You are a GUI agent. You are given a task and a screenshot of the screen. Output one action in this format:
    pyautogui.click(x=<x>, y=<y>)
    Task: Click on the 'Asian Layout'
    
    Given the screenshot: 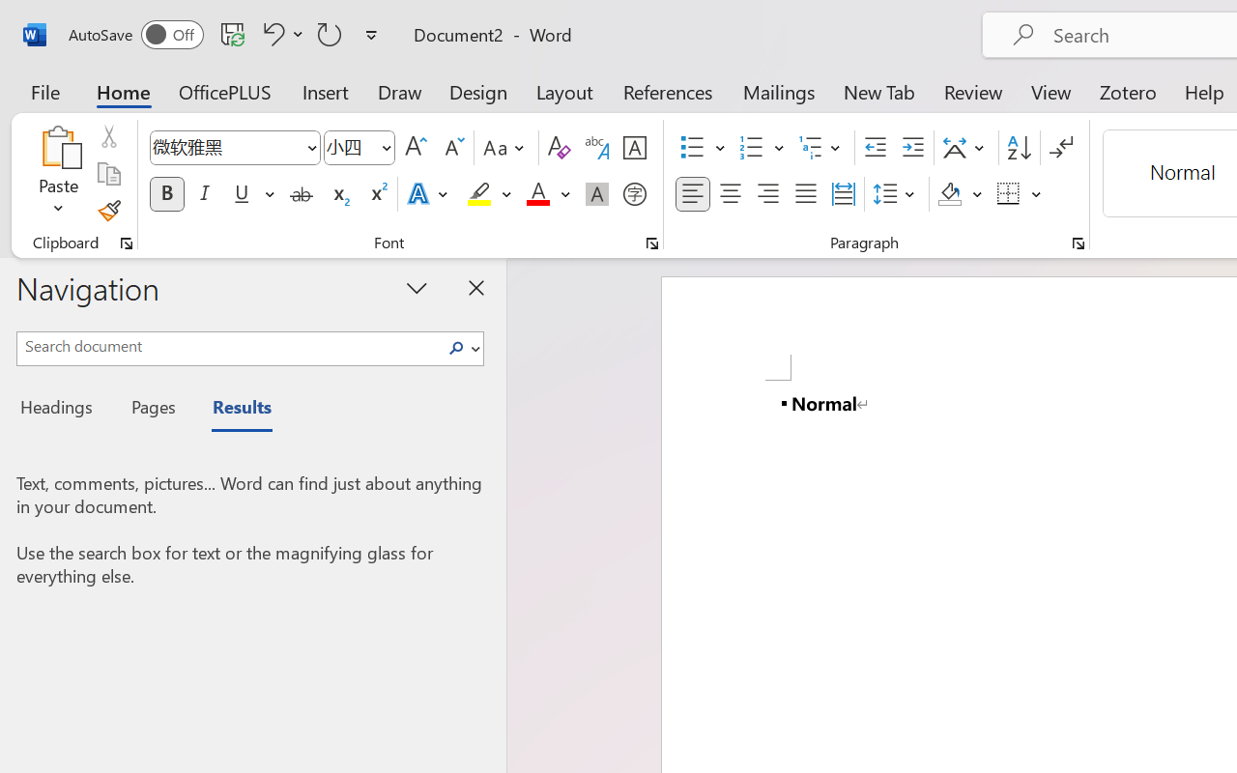 What is the action you would take?
    pyautogui.click(x=966, y=148)
    